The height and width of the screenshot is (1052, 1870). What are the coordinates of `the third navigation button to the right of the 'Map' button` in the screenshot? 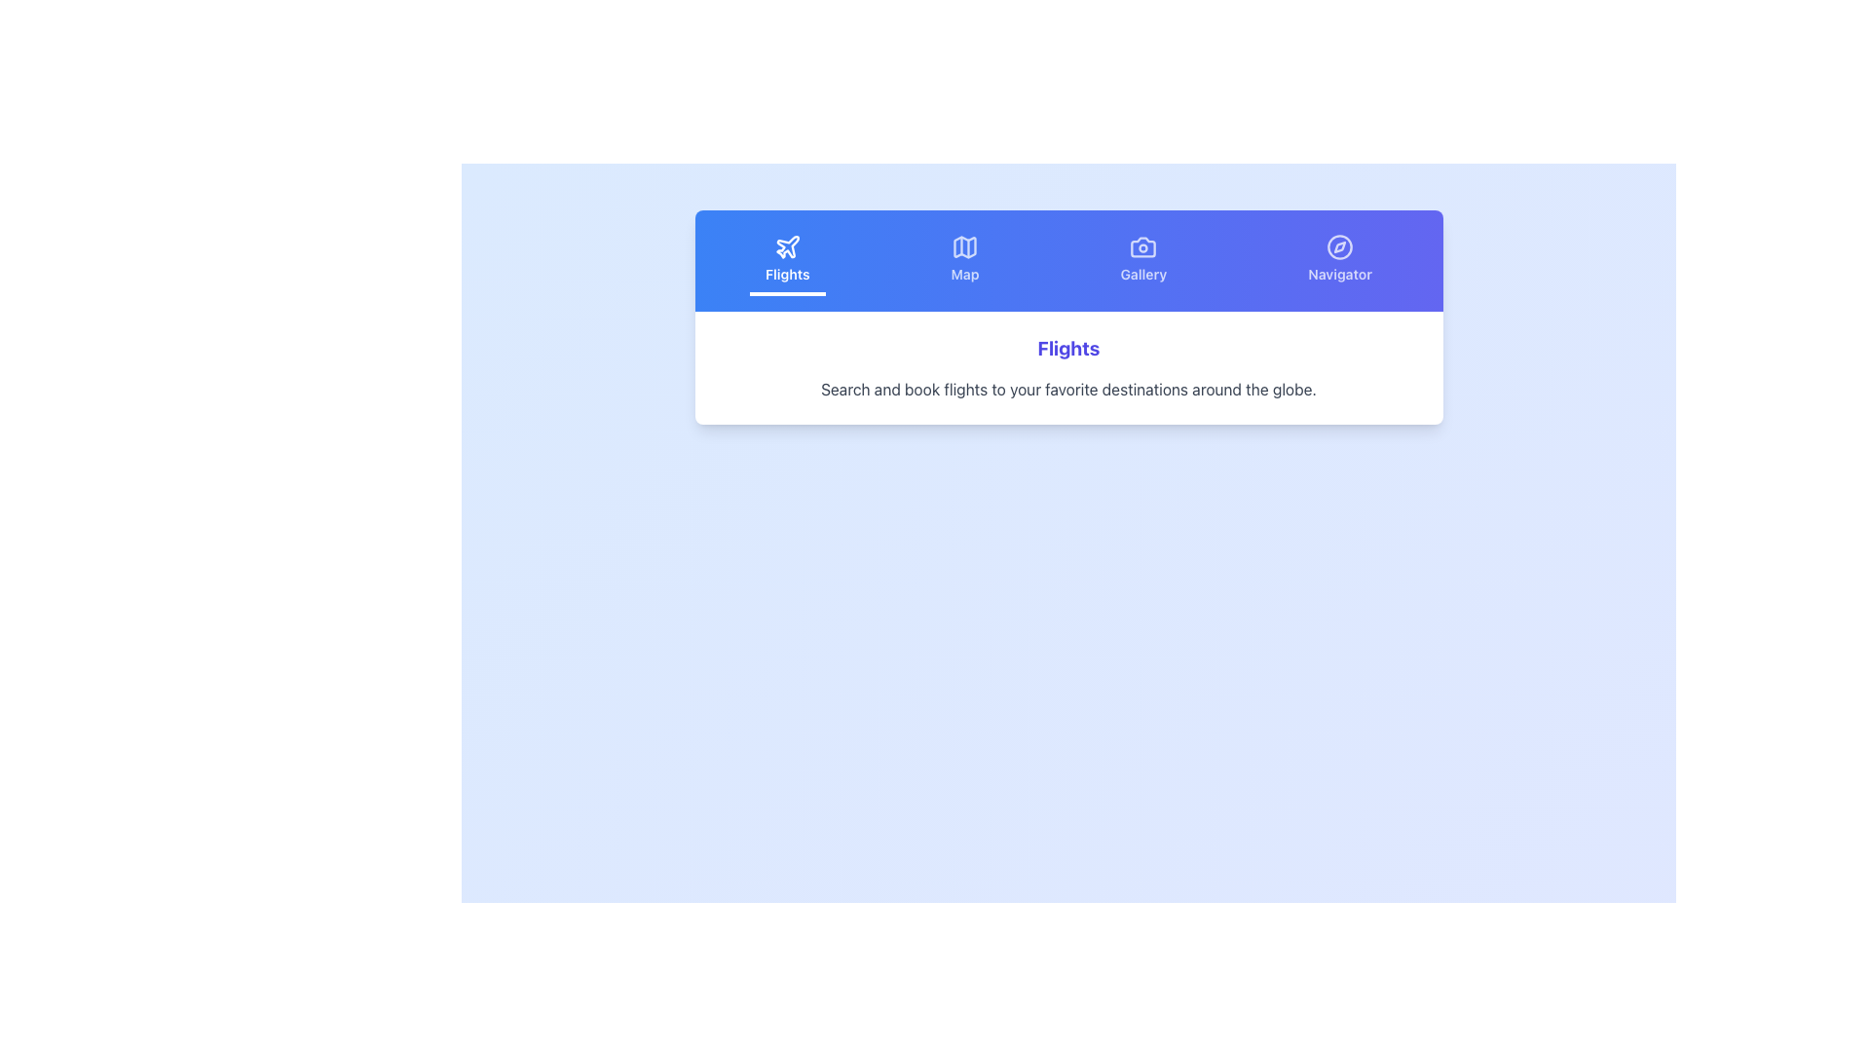 It's located at (1143, 259).